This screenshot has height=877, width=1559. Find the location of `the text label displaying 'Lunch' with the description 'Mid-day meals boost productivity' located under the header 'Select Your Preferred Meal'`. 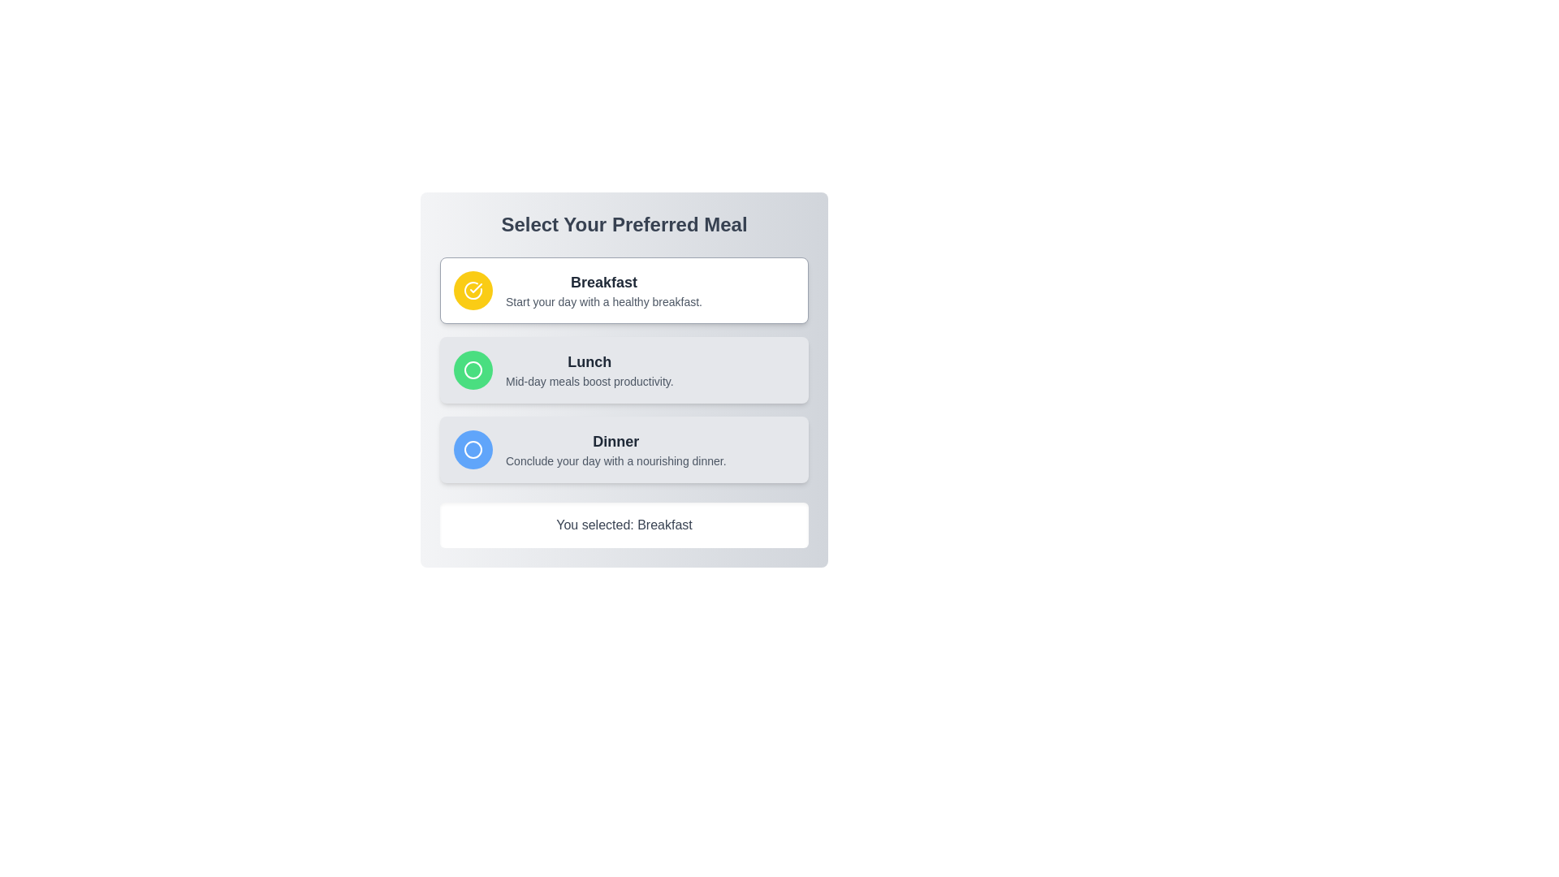

the text label displaying 'Lunch' with the description 'Mid-day meals boost productivity' located under the header 'Select Your Preferred Meal' is located at coordinates (589, 369).